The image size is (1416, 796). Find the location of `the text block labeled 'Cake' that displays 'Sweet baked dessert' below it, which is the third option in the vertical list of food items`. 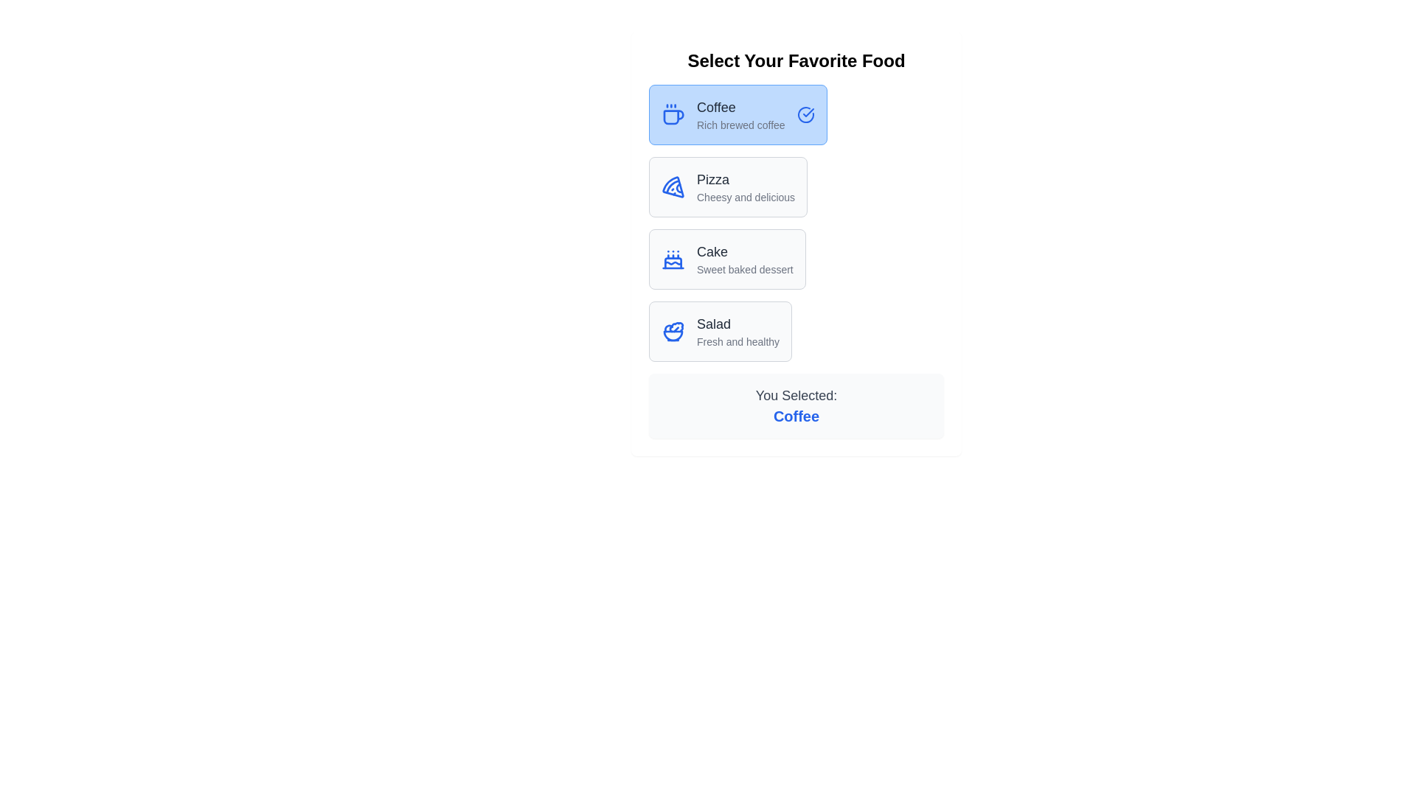

the text block labeled 'Cake' that displays 'Sweet baked dessert' below it, which is the third option in the vertical list of food items is located at coordinates (745, 258).